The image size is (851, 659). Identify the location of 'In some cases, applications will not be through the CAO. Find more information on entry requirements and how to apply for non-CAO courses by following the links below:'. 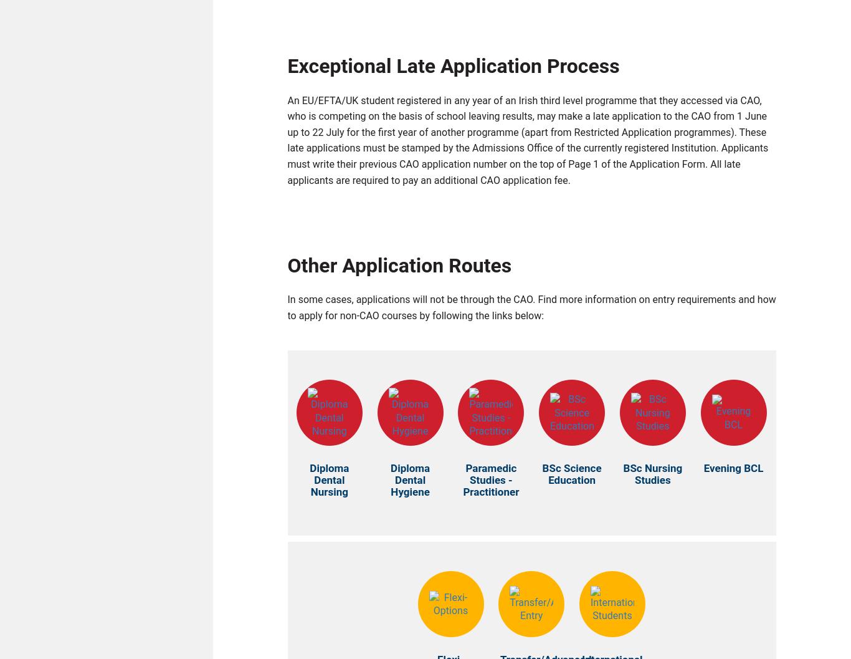
(531, 310).